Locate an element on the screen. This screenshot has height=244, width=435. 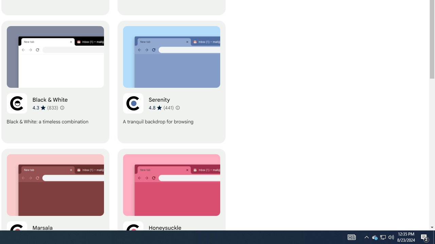
'Black & White' is located at coordinates (55, 82).